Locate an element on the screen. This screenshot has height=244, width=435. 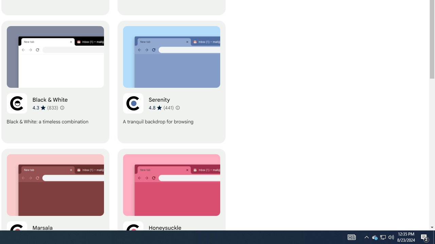
'Black & White' is located at coordinates (55, 82).